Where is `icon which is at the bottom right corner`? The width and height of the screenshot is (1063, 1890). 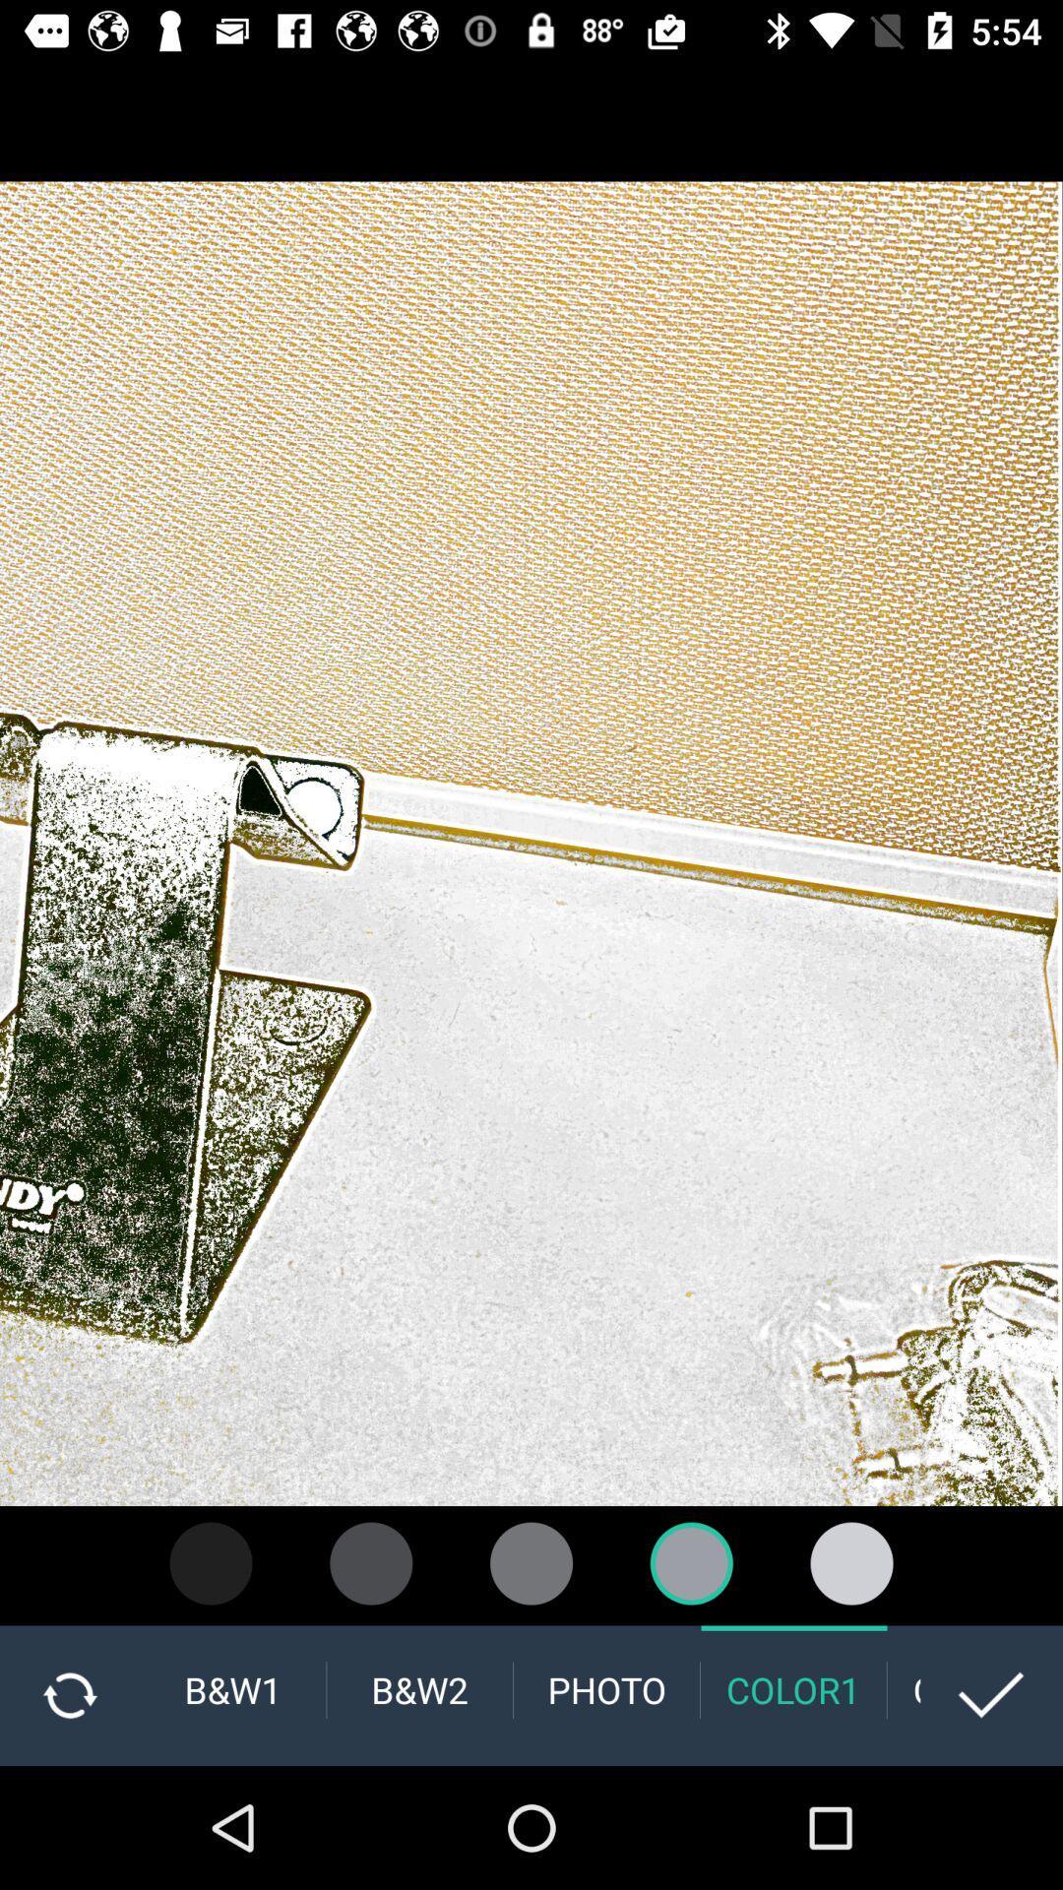
icon which is at the bottom right corner is located at coordinates (991, 1695).